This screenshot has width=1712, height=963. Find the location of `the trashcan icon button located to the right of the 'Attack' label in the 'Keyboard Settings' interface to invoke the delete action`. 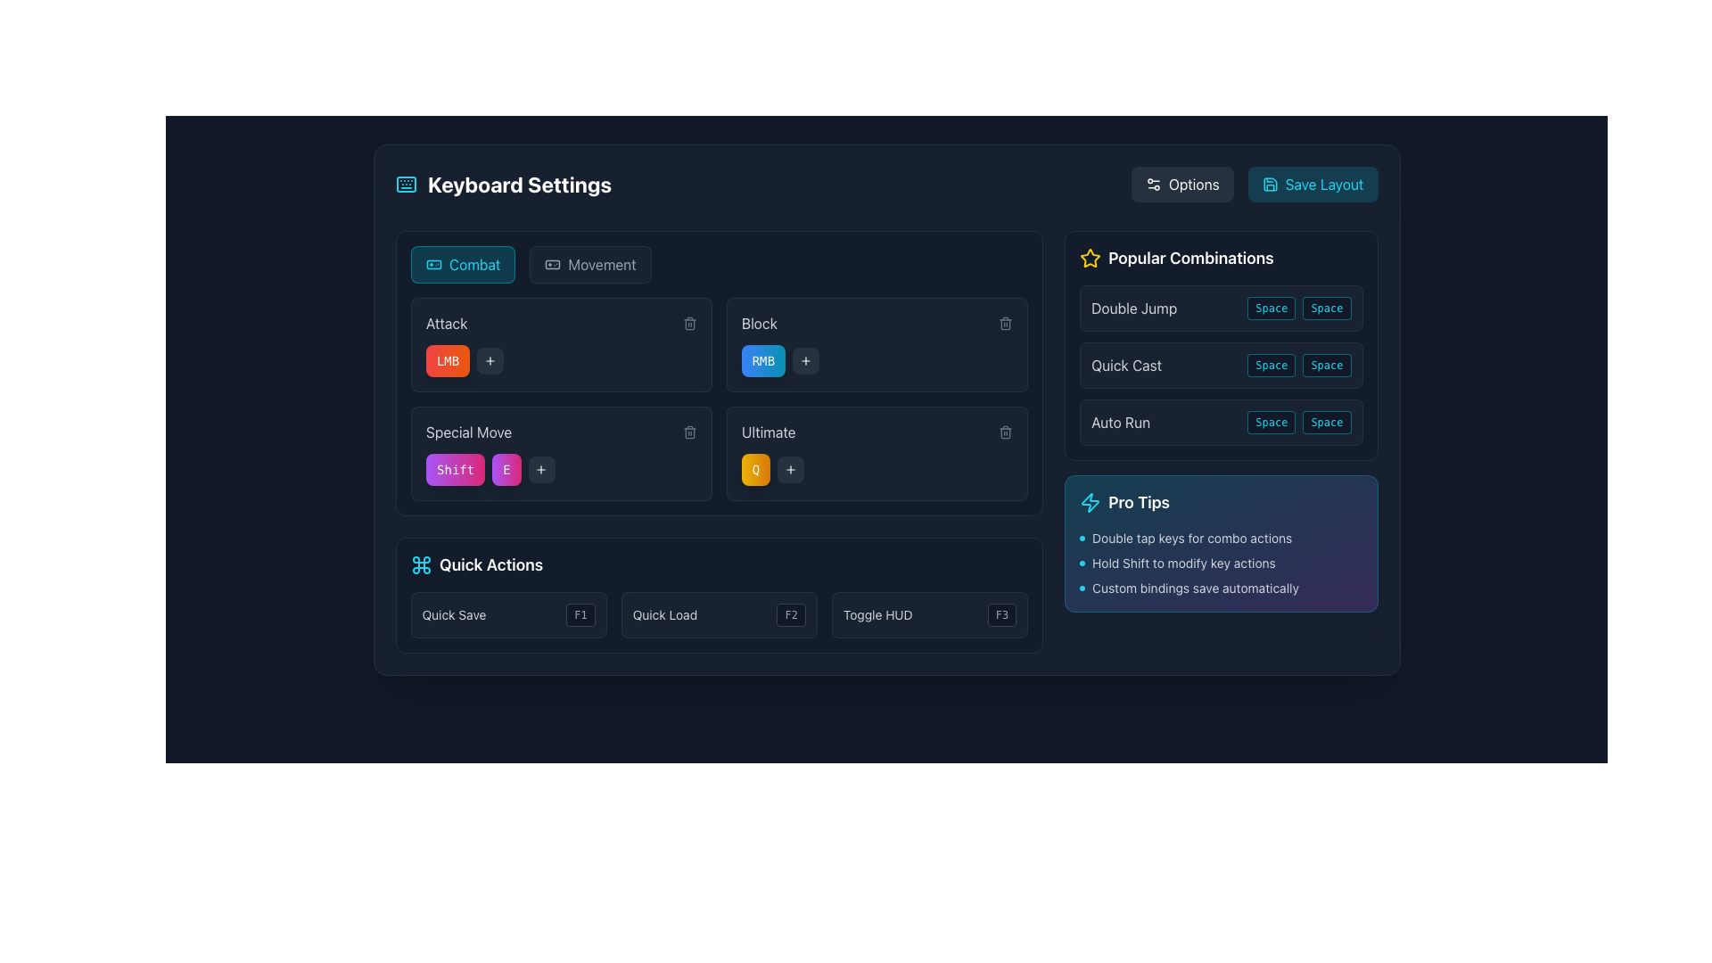

the trashcan icon button located to the right of the 'Attack' label in the 'Keyboard Settings' interface to invoke the delete action is located at coordinates (688, 323).